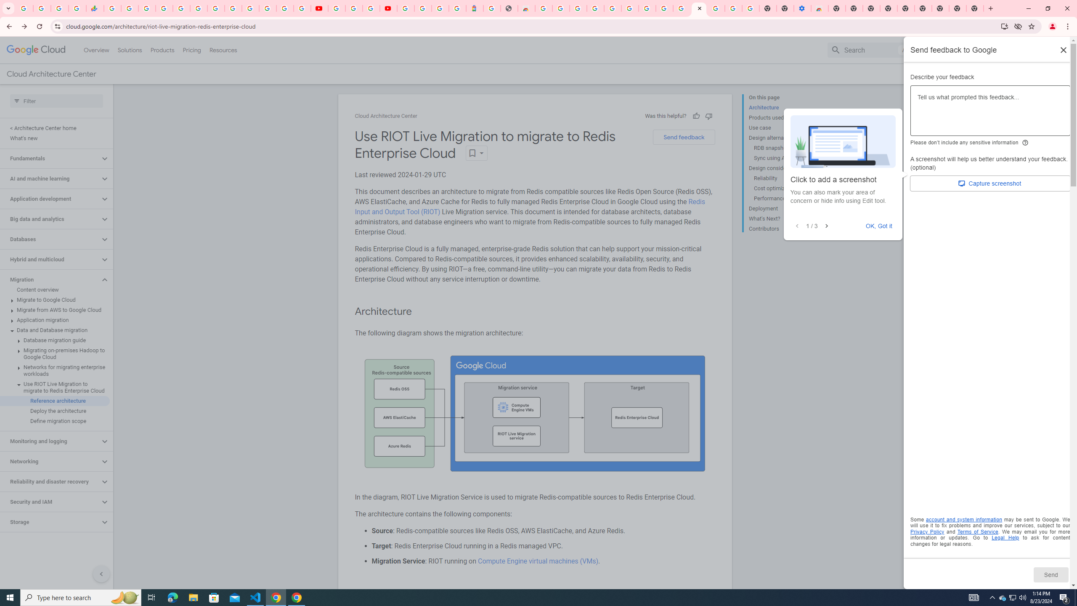 Image resolution: width=1077 pixels, height=606 pixels. Describe the element at coordinates (50, 158) in the screenshot. I see `'Fundamentals'` at that location.